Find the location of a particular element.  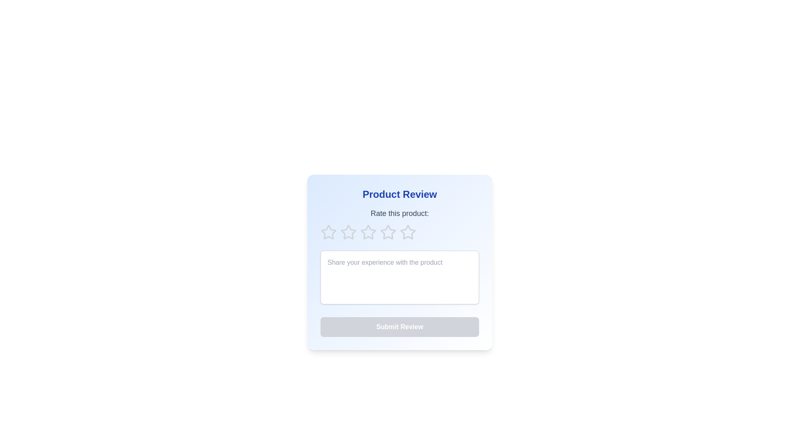

the text label that prompts users to provide a rating for the product, located below the 'Product Review' header and above the star rating icons is located at coordinates (400, 213).